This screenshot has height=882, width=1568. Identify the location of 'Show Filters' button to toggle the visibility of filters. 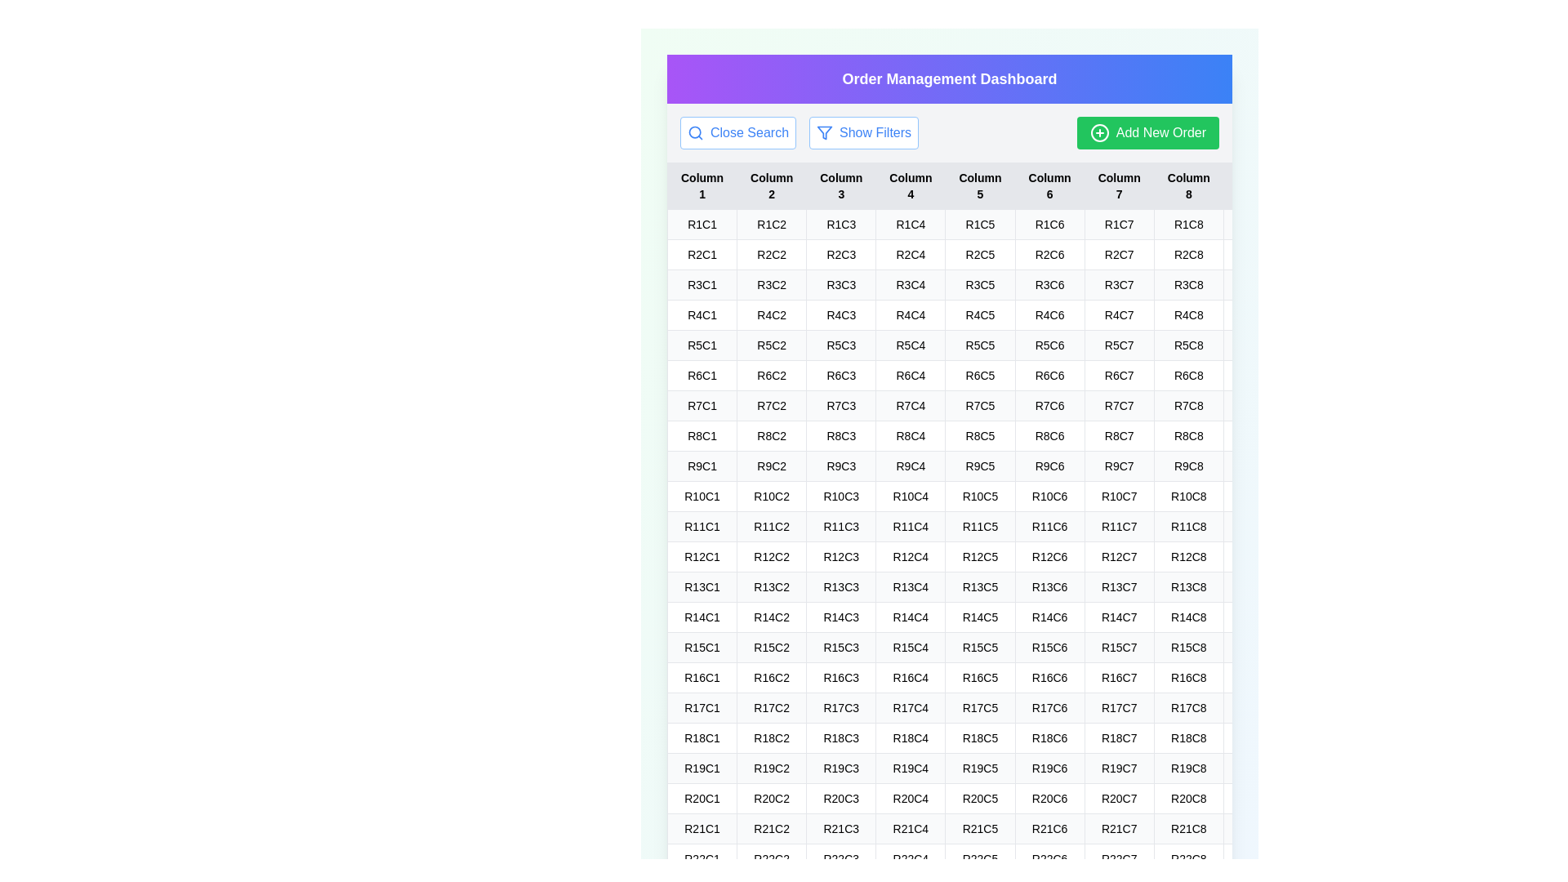
(862, 131).